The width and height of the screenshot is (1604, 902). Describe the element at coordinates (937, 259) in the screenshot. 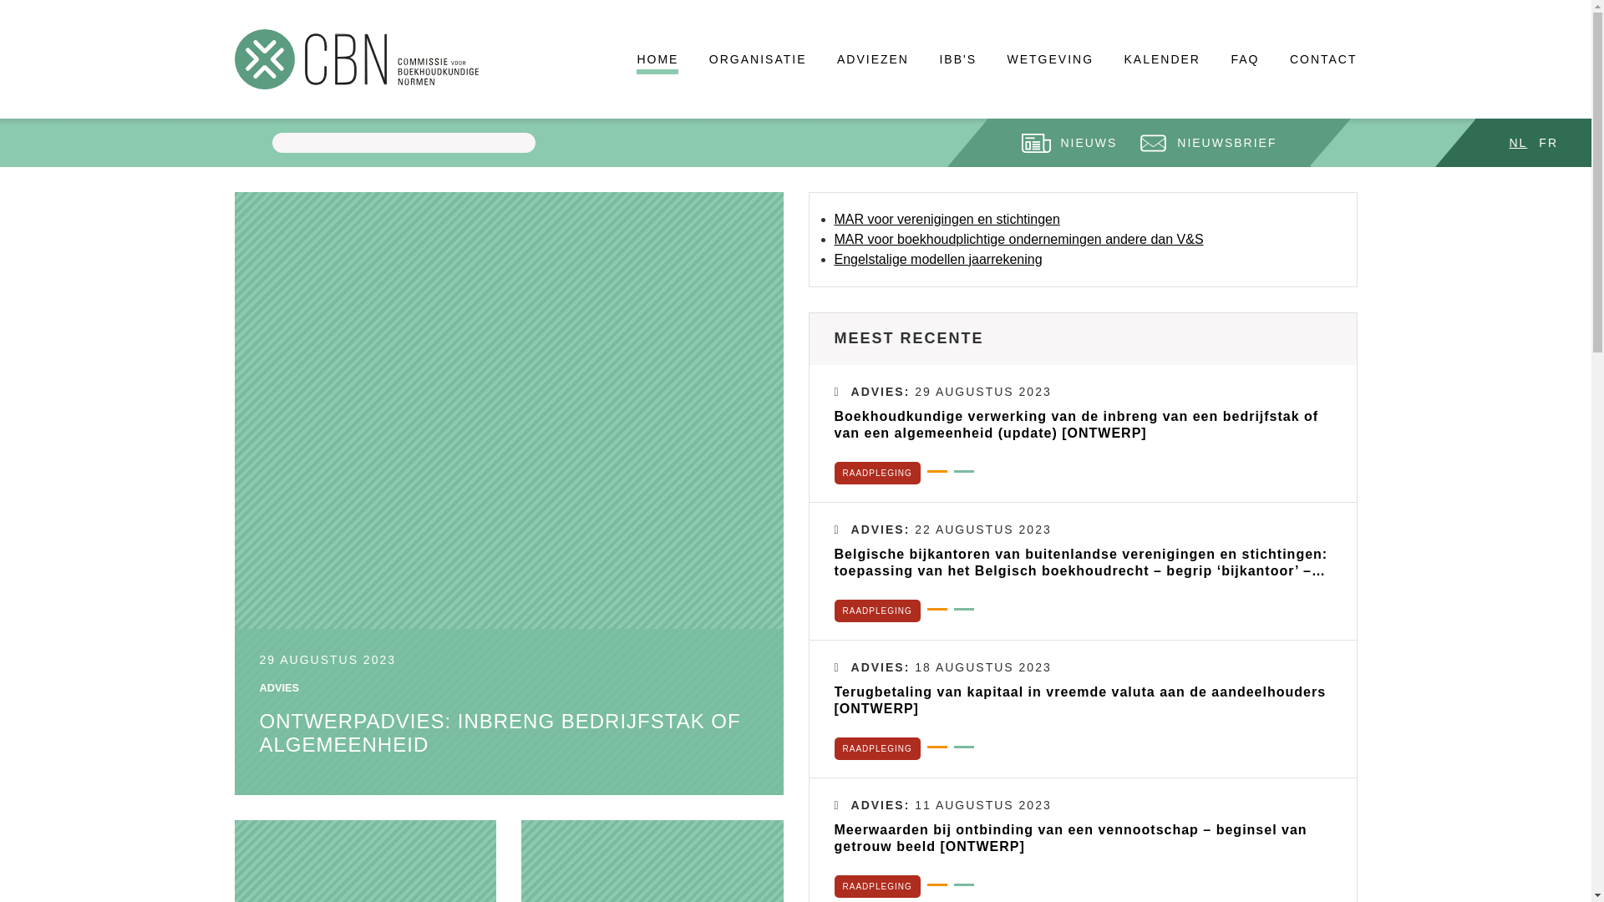

I see `'Engelstalige modellen jaarrekening'` at that location.